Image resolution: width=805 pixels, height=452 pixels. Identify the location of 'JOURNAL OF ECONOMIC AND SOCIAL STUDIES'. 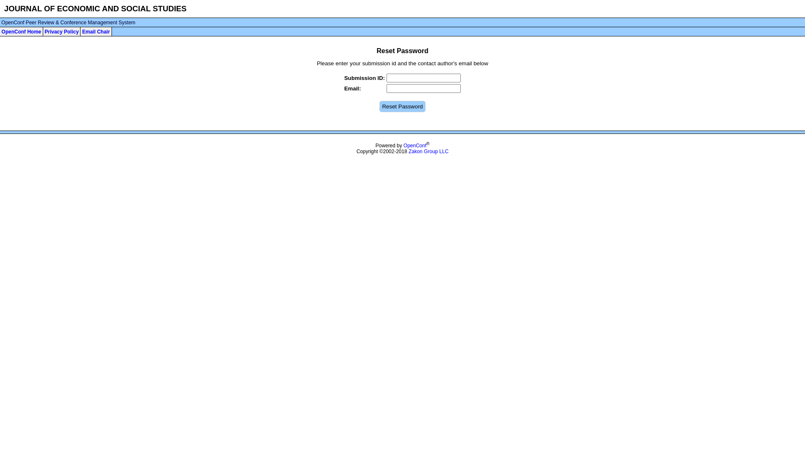
(4, 8).